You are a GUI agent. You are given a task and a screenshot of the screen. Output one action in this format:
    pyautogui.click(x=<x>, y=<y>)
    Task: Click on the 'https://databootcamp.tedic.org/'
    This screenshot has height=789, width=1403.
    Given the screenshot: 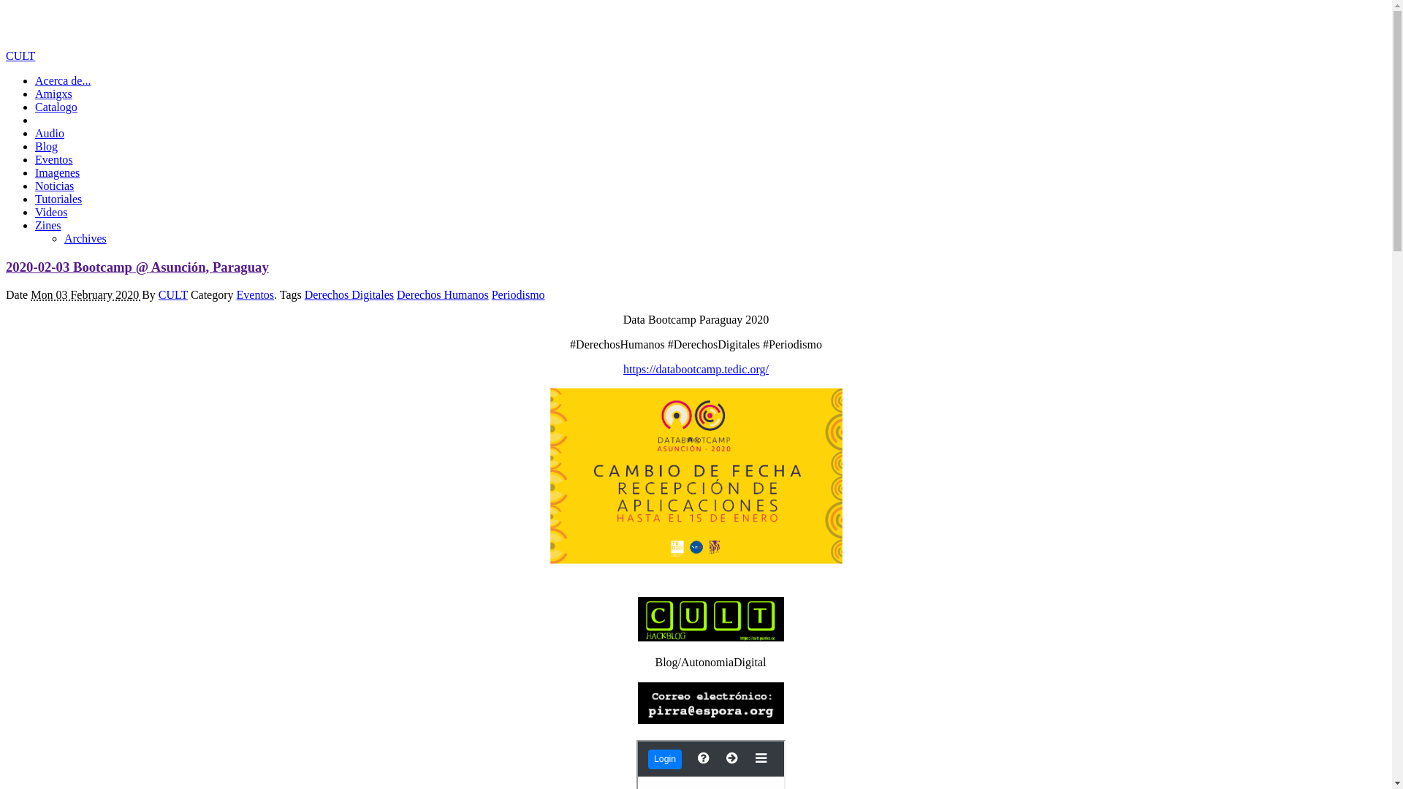 What is the action you would take?
    pyautogui.click(x=695, y=368)
    